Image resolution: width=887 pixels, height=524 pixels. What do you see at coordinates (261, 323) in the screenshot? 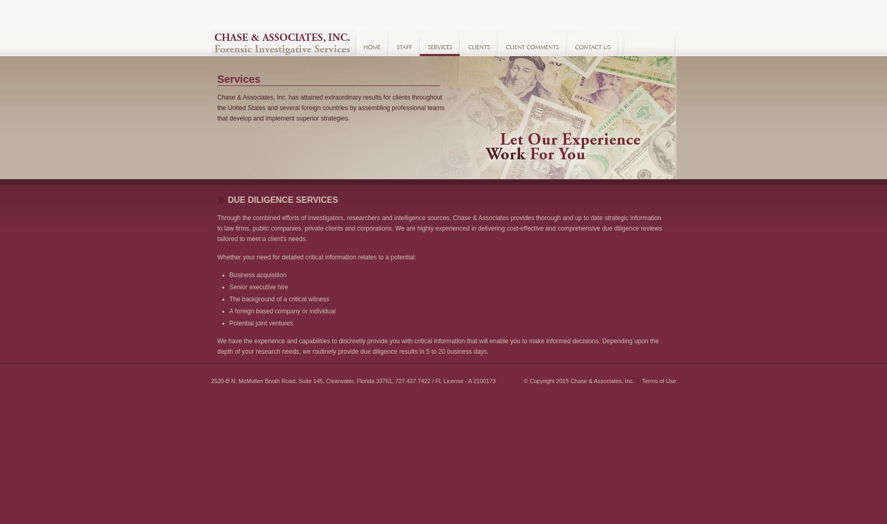
I see `'Potential joint ventures'` at bounding box center [261, 323].